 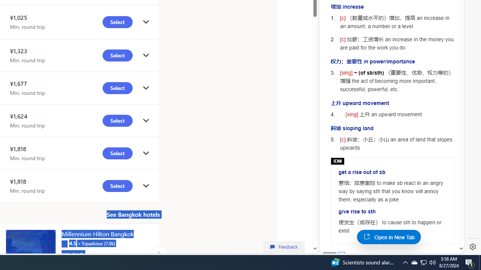 What do you see at coordinates (146, 186) in the screenshot?
I see `'click to get details'` at bounding box center [146, 186].